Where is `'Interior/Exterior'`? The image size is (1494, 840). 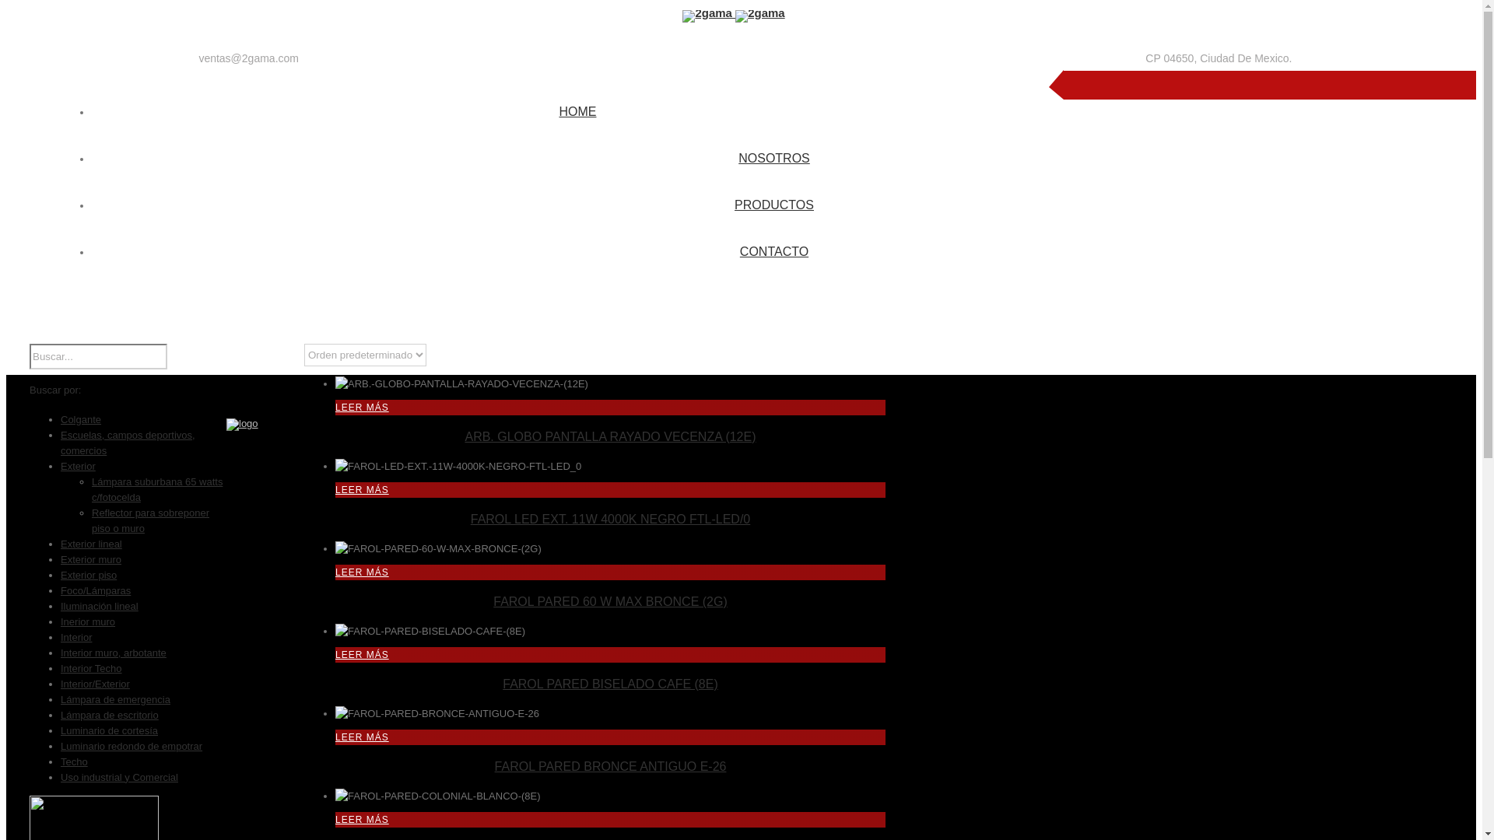 'Interior/Exterior' is located at coordinates (94, 683).